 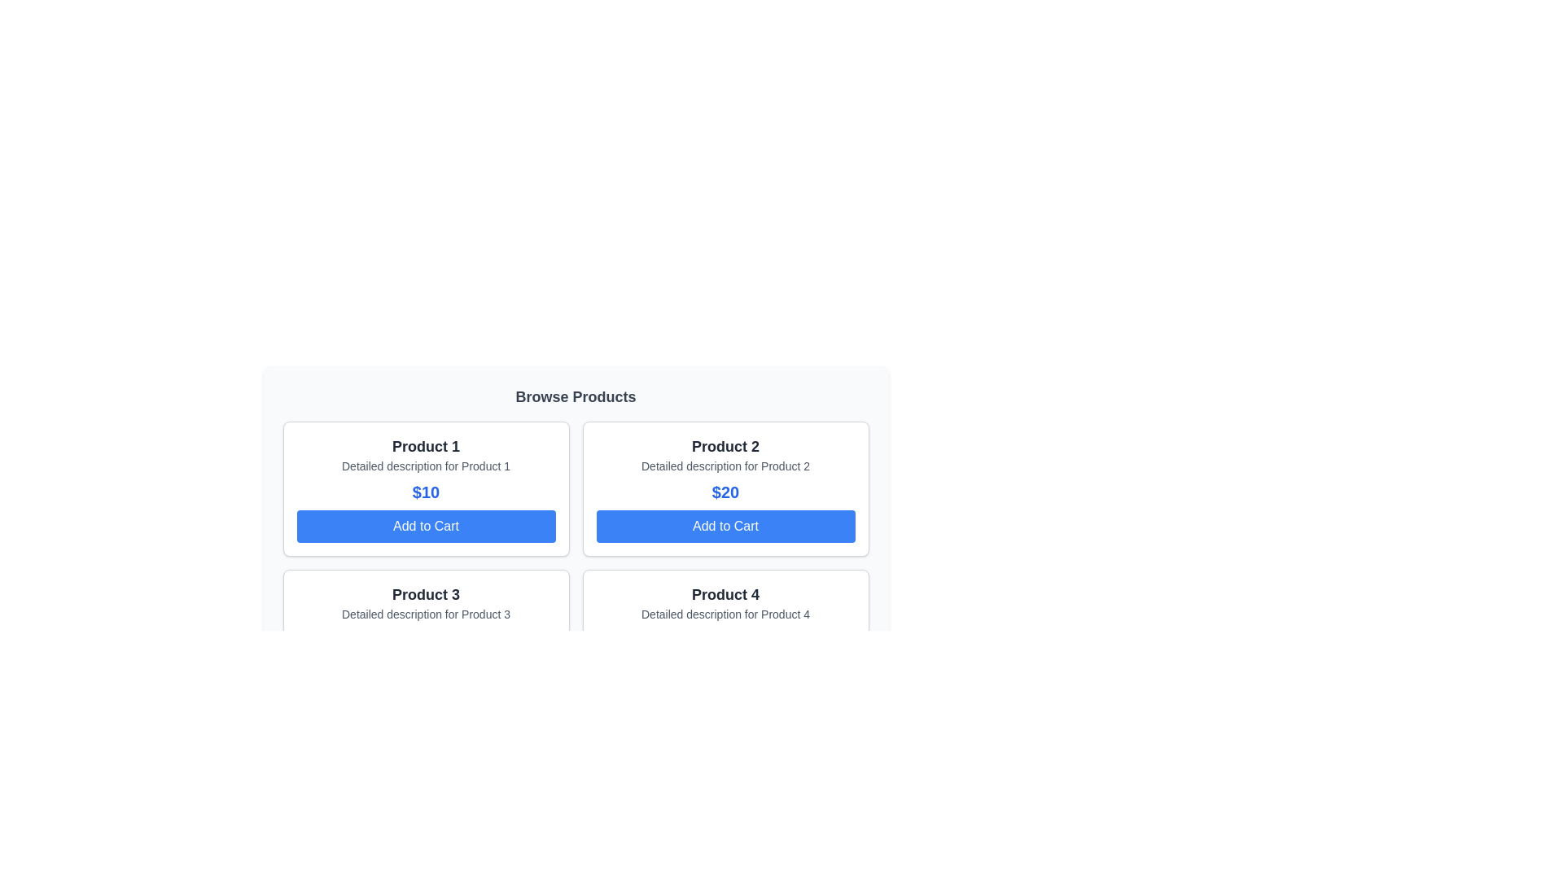 What do you see at coordinates (725, 446) in the screenshot?
I see `the text label reading 'Product 2' in bold, large-sized font with dark gray color, located in the second product card of a grid layout` at bounding box center [725, 446].